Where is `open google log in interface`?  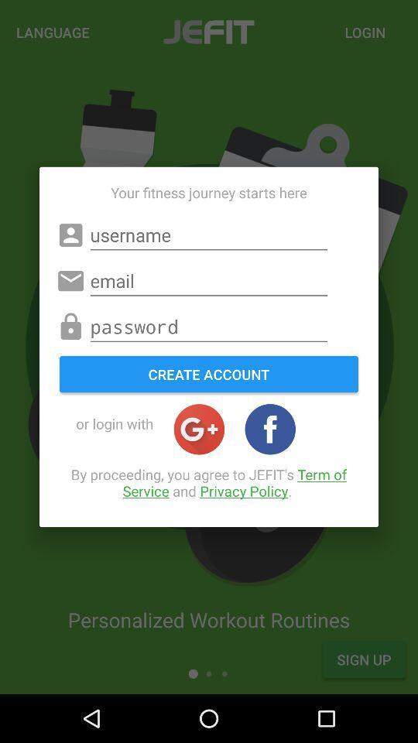
open google log in interface is located at coordinates (199, 429).